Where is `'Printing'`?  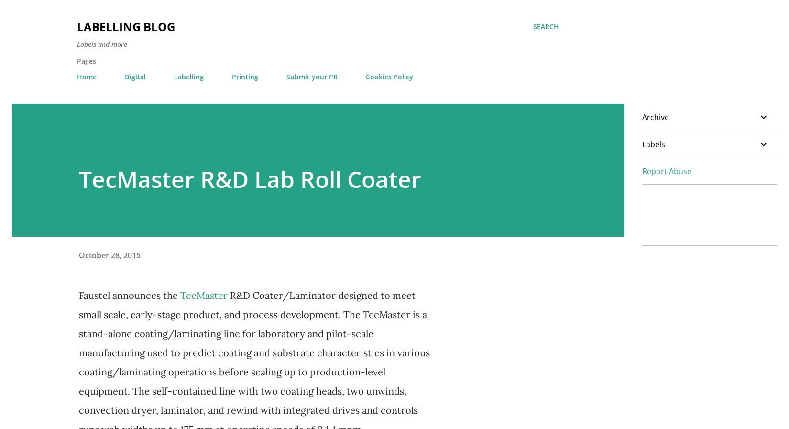
'Printing' is located at coordinates (244, 76).